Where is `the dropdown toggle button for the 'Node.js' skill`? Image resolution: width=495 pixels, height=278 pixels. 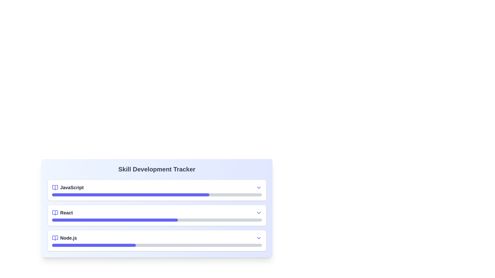 the dropdown toggle button for the 'Node.js' skill is located at coordinates (259, 238).